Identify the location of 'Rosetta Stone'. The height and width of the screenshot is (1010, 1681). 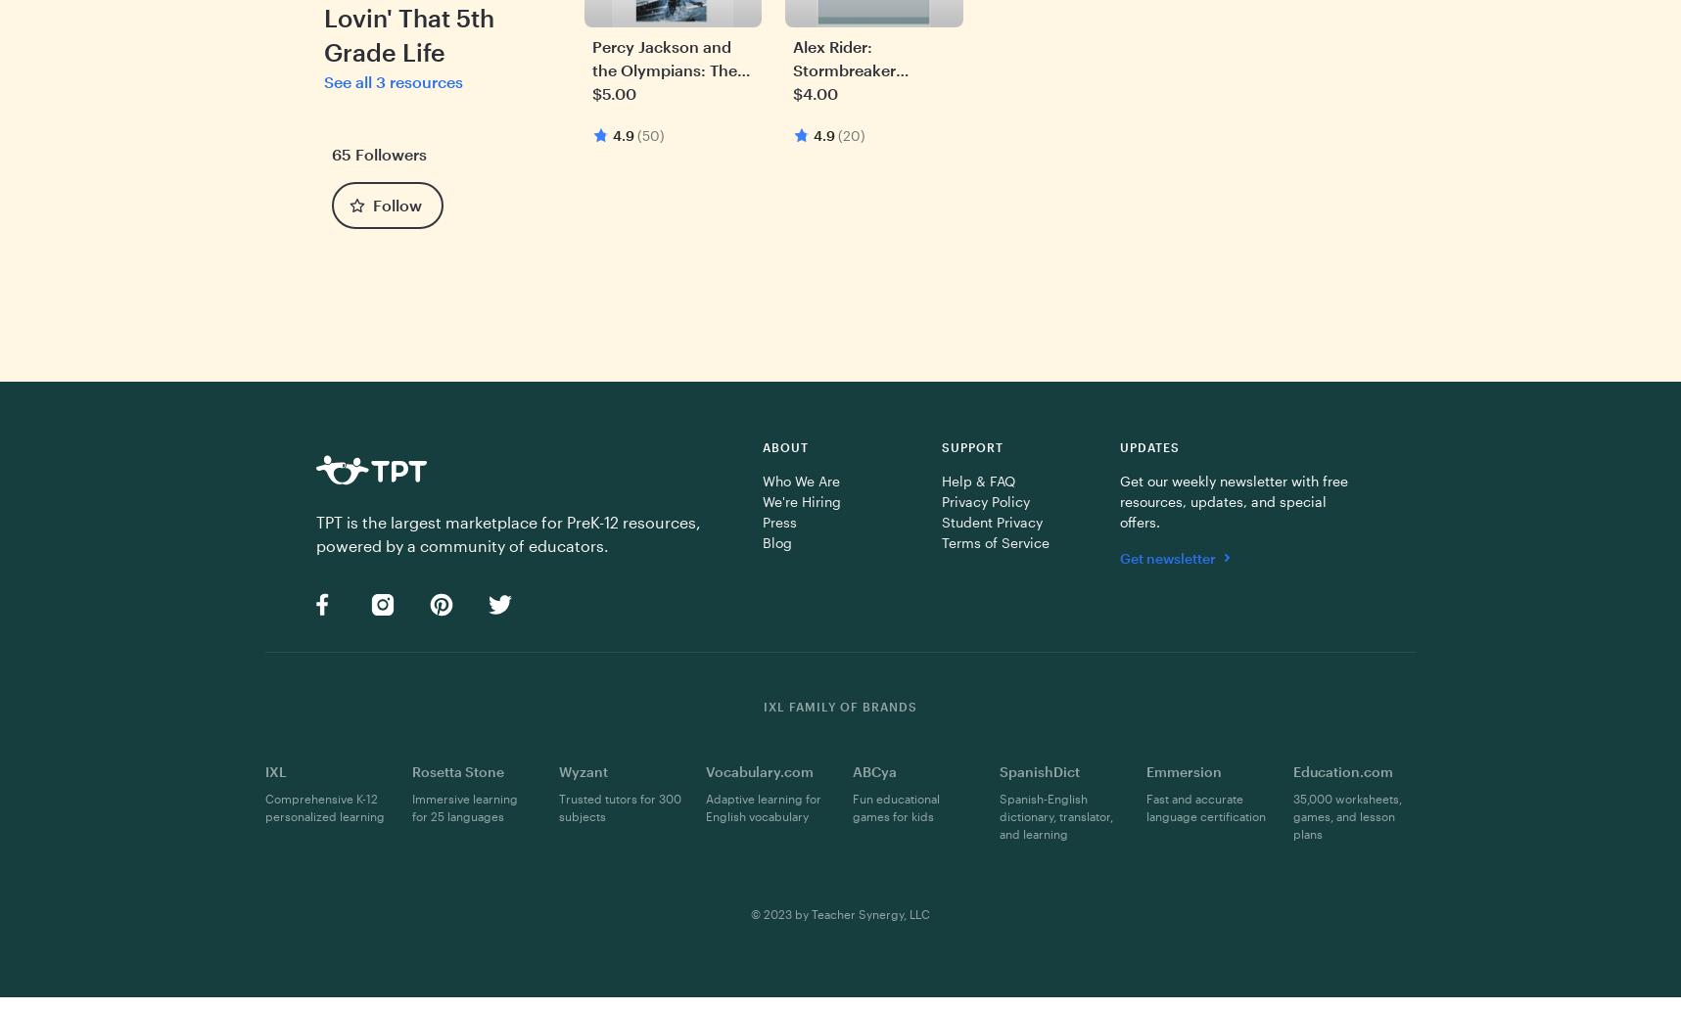
(456, 770).